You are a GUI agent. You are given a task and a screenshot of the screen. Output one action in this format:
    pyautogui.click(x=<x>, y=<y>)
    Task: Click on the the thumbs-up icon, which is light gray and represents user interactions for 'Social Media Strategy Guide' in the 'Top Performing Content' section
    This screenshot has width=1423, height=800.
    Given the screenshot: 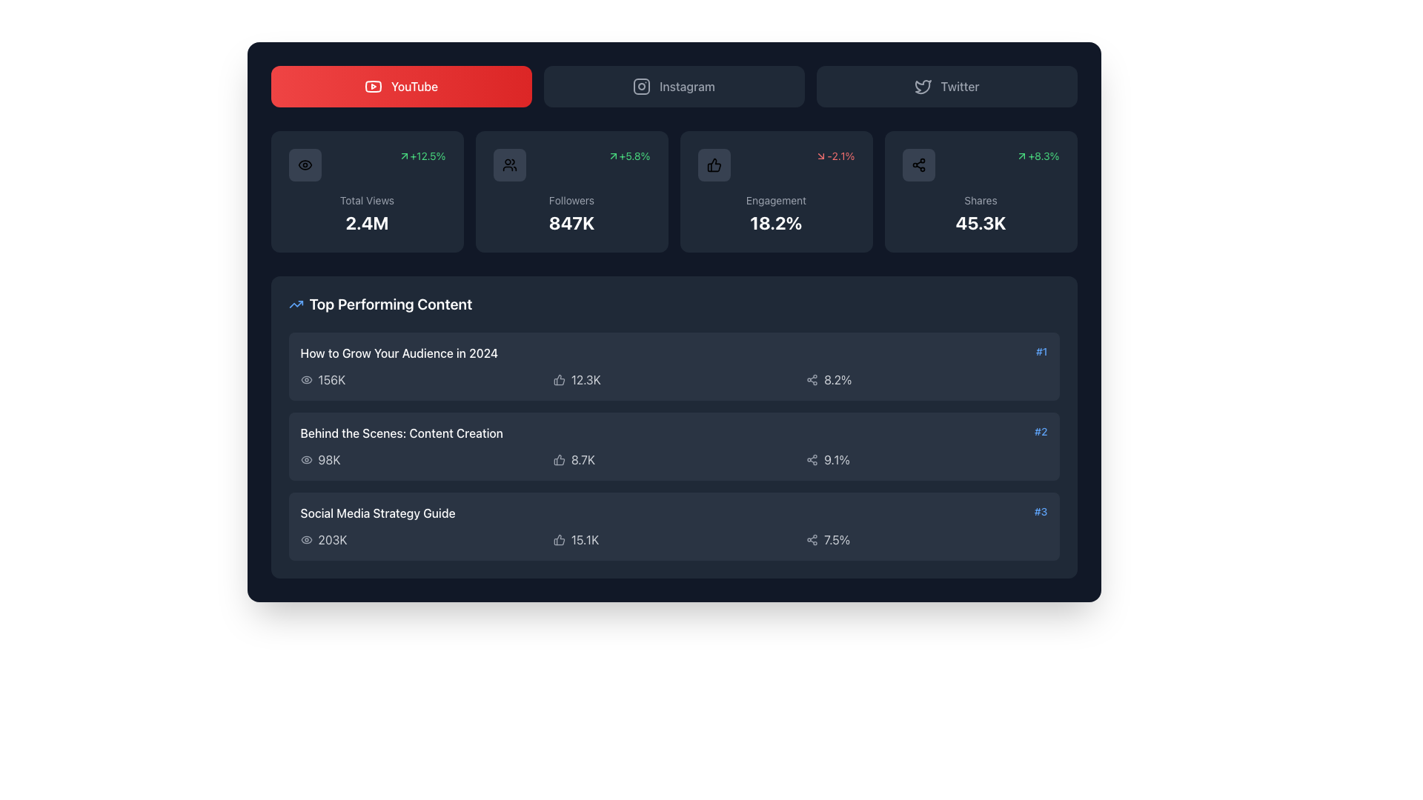 What is the action you would take?
    pyautogui.click(x=558, y=540)
    